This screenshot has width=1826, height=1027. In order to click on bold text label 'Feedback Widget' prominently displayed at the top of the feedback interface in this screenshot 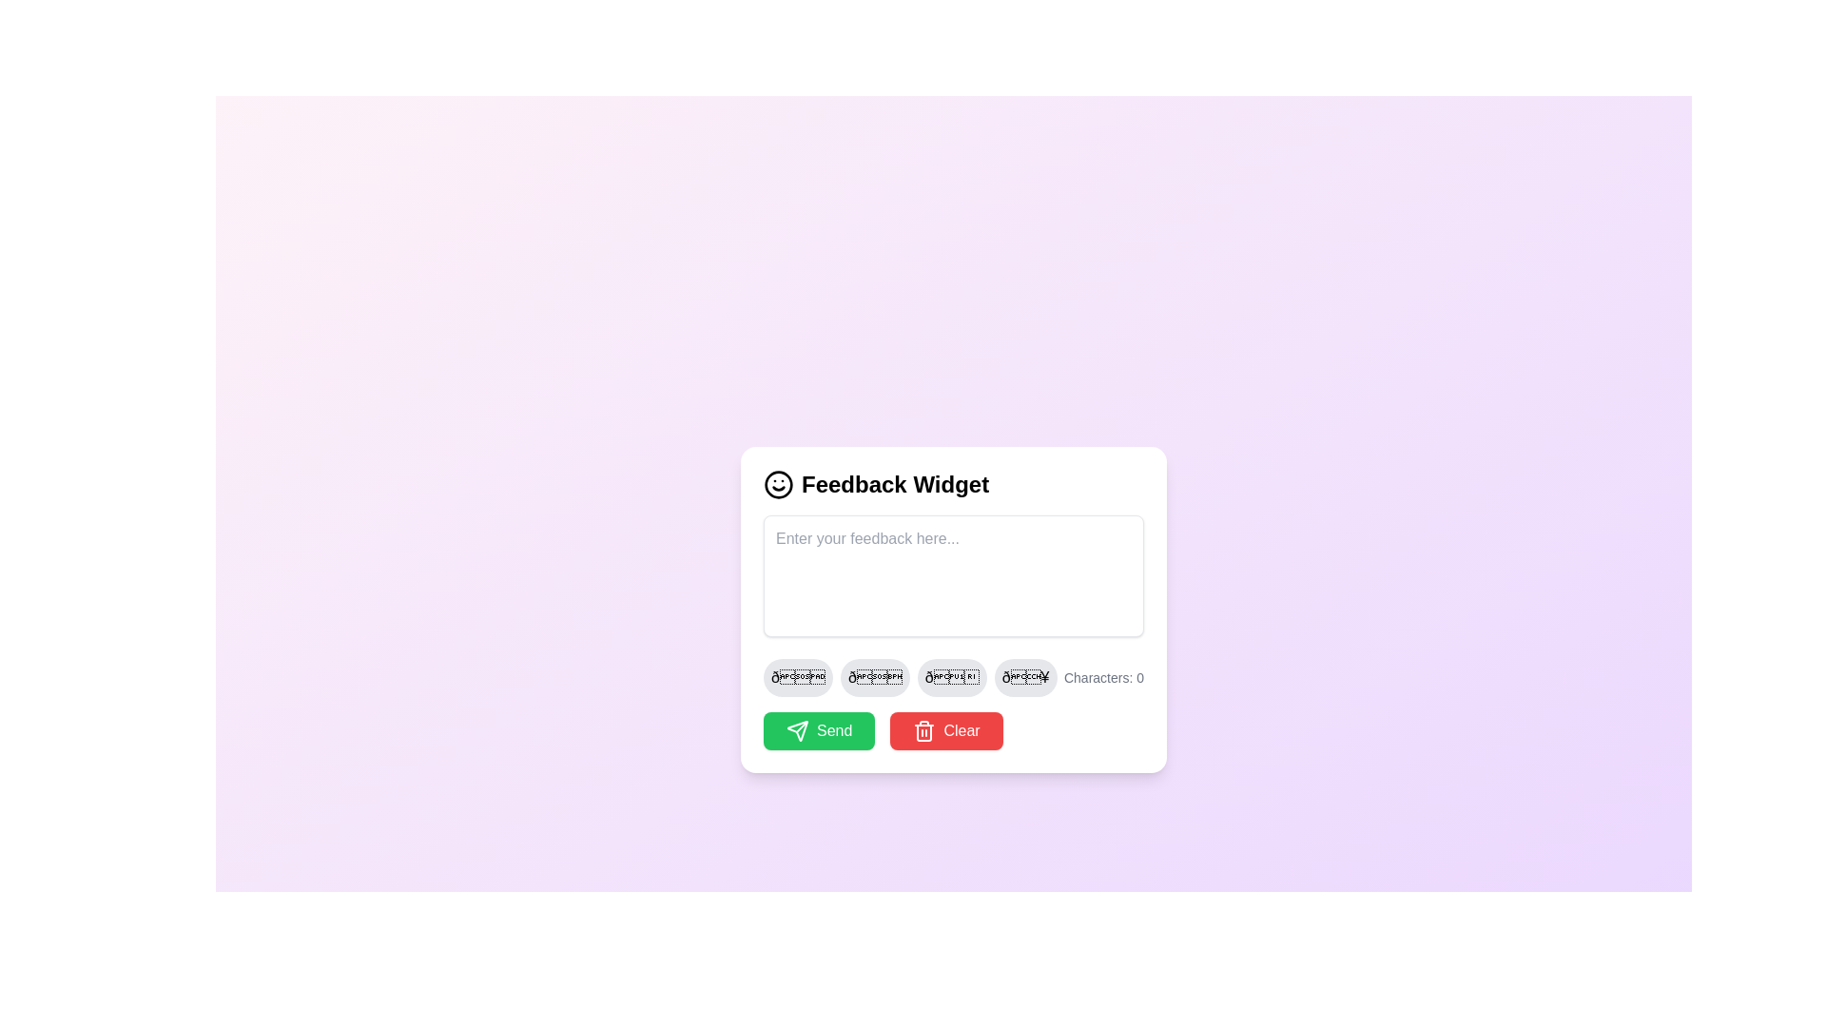, I will do `click(894, 483)`.